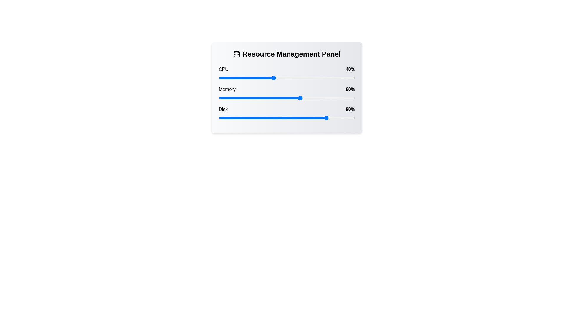  I want to click on the Disk slider to set its value to 18%, so click(243, 118).